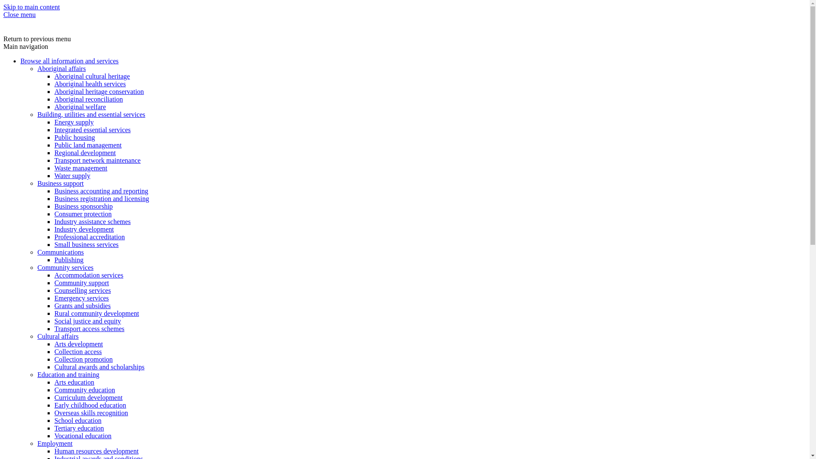 This screenshot has height=459, width=816. Describe the element at coordinates (65, 267) in the screenshot. I see `'Community services'` at that location.